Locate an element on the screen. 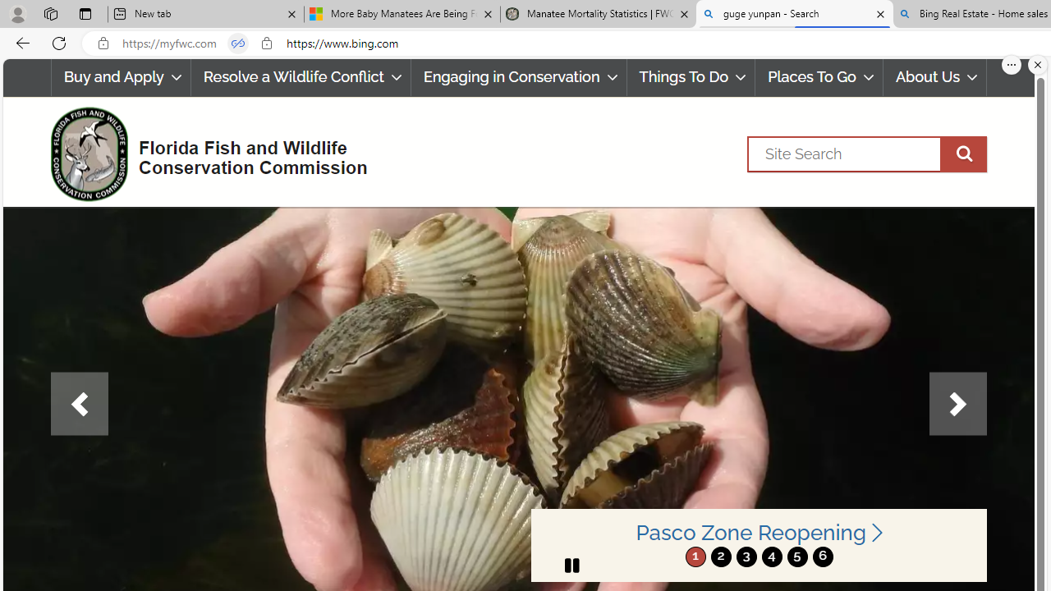  'About Us' is located at coordinates (935, 77).